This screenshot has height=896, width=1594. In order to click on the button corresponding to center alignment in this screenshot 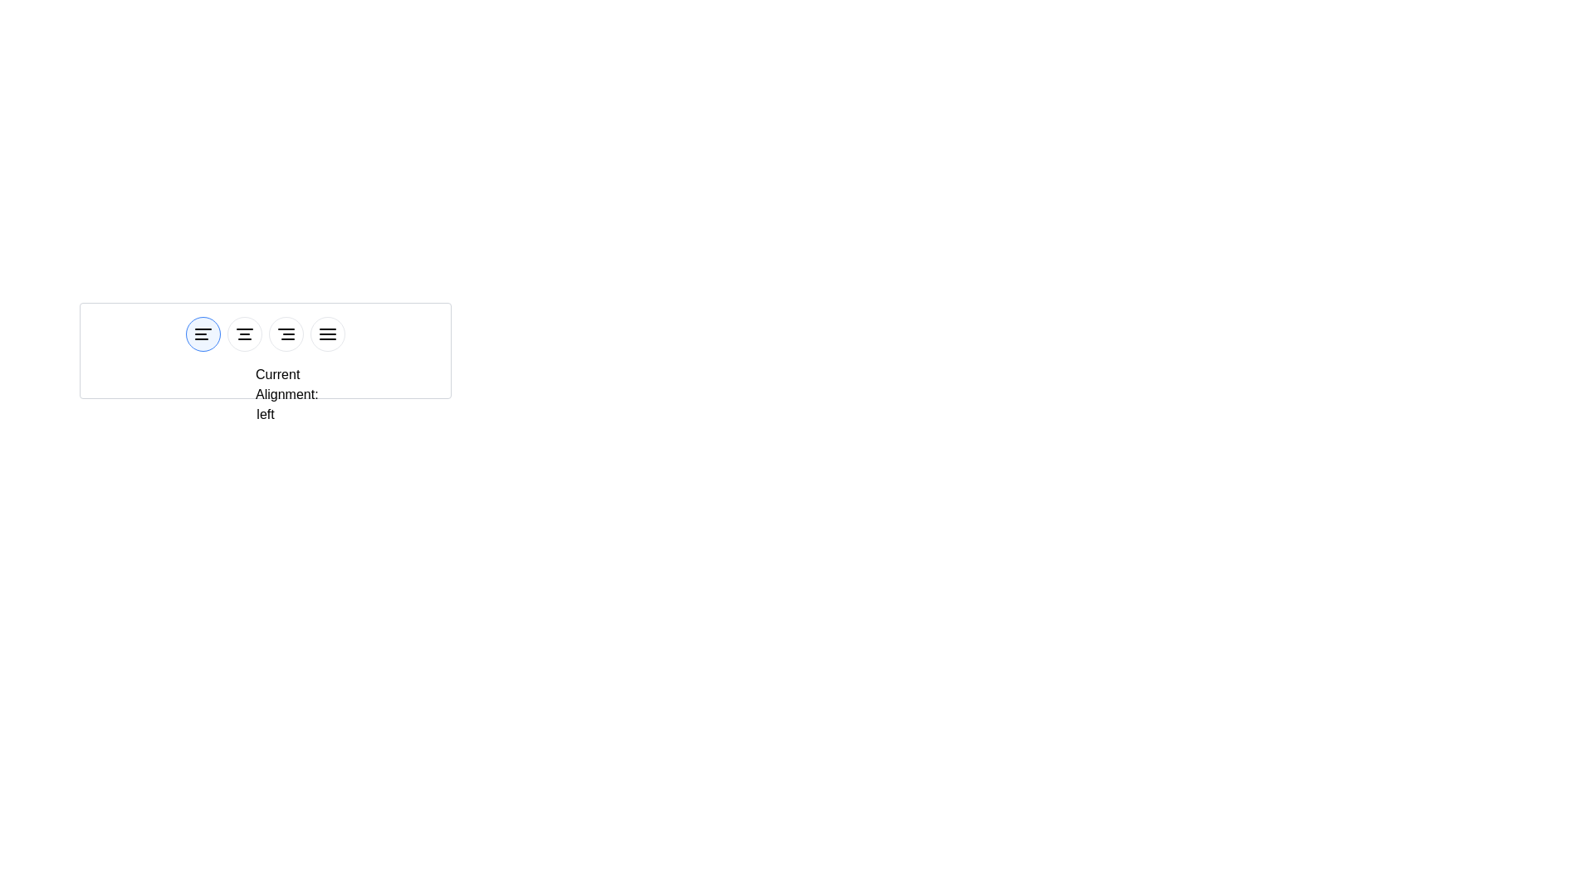, I will do `click(243, 334)`.